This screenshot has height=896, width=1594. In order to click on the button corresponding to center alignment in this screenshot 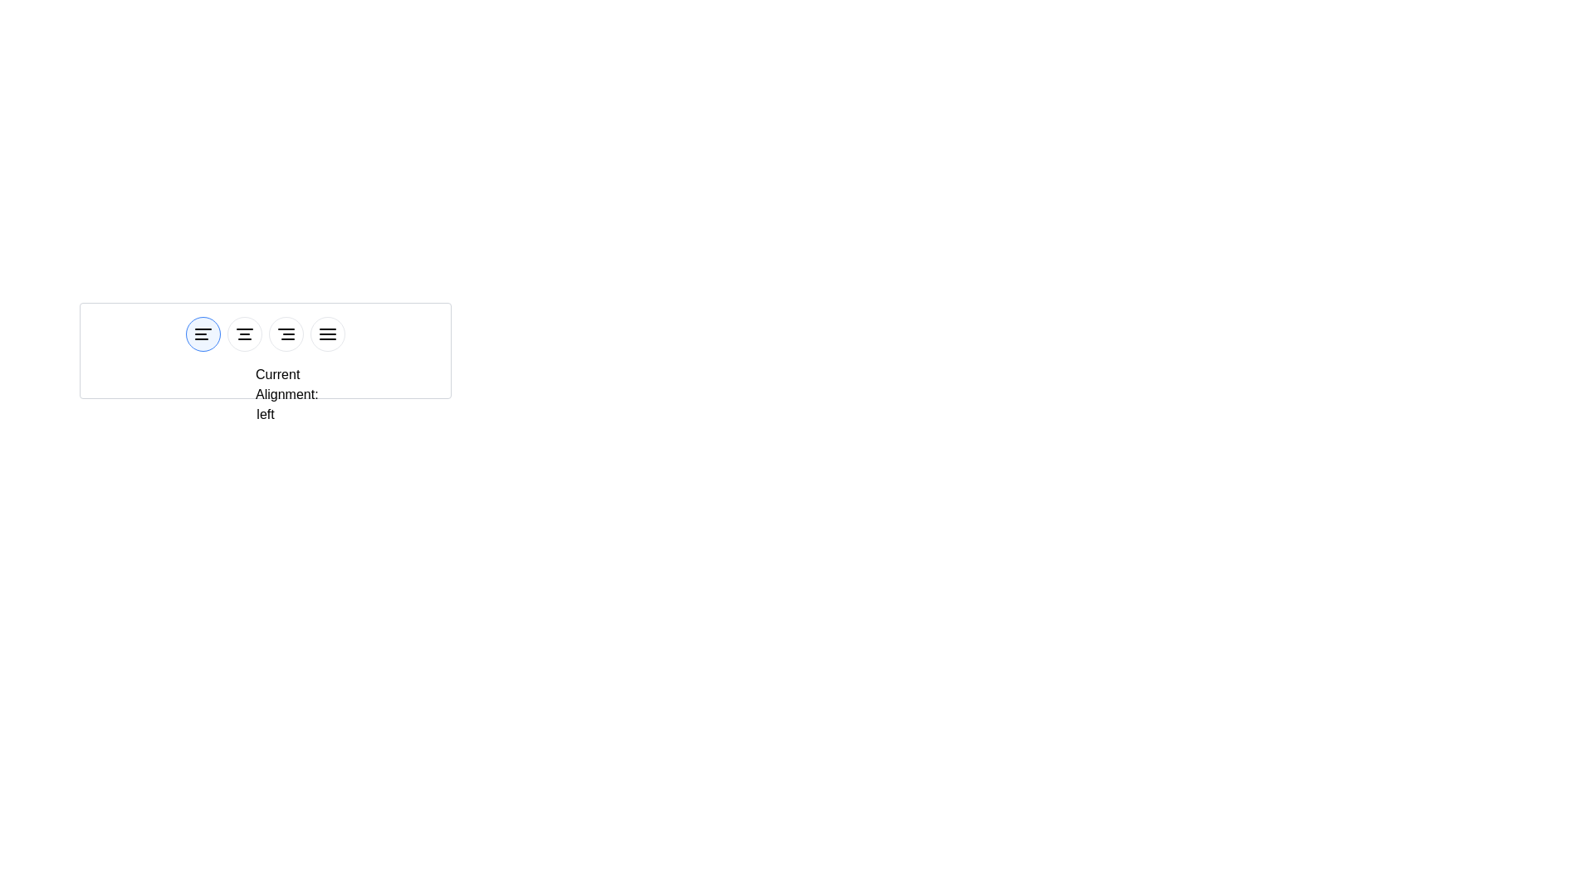, I will do `click(243, 334)`.